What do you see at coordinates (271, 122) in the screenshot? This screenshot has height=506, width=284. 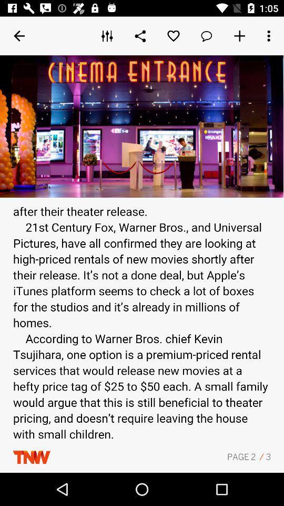 I see `the more icon` at bounding box center [271, 122].